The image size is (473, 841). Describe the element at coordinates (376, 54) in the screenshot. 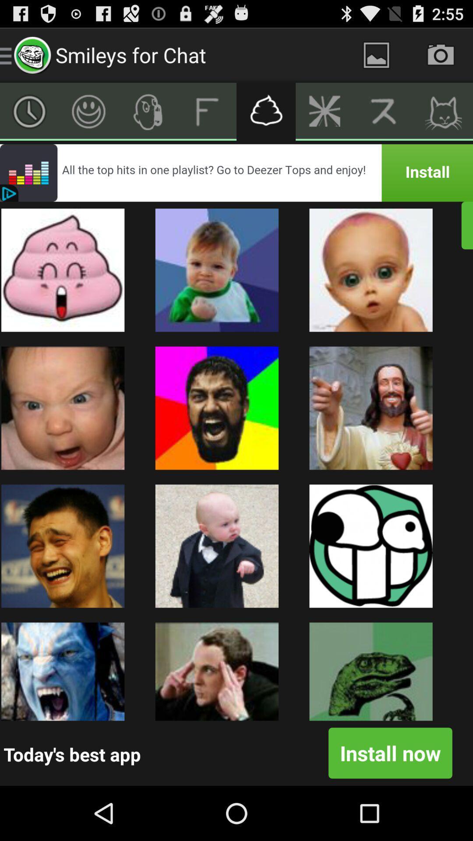

I see `image page` at that location.